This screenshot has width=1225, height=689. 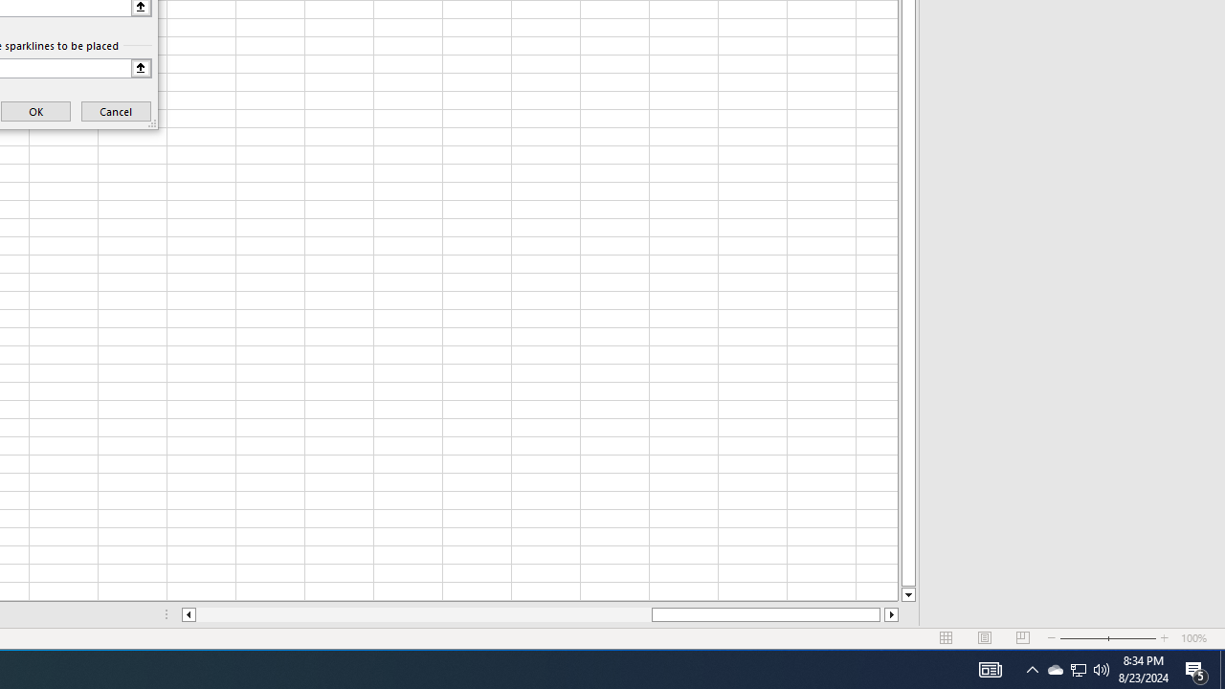 What do you see at coordinates (1083, 638) in the screenshot?
I see `'Zoom Out'` at bounding box center [1083, 638].